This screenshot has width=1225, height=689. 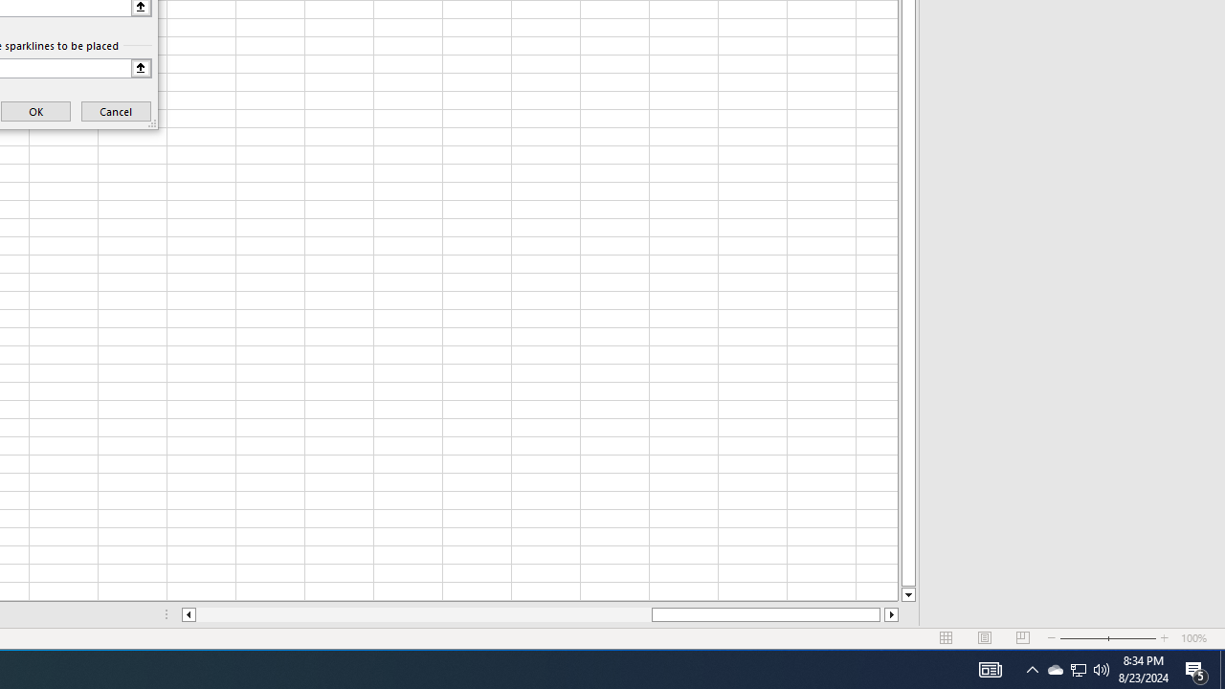 What do you see at coordinates (1083, 638) in the screenshot?
I see `'Zoom Out'` at bounding box center [1083, 638].